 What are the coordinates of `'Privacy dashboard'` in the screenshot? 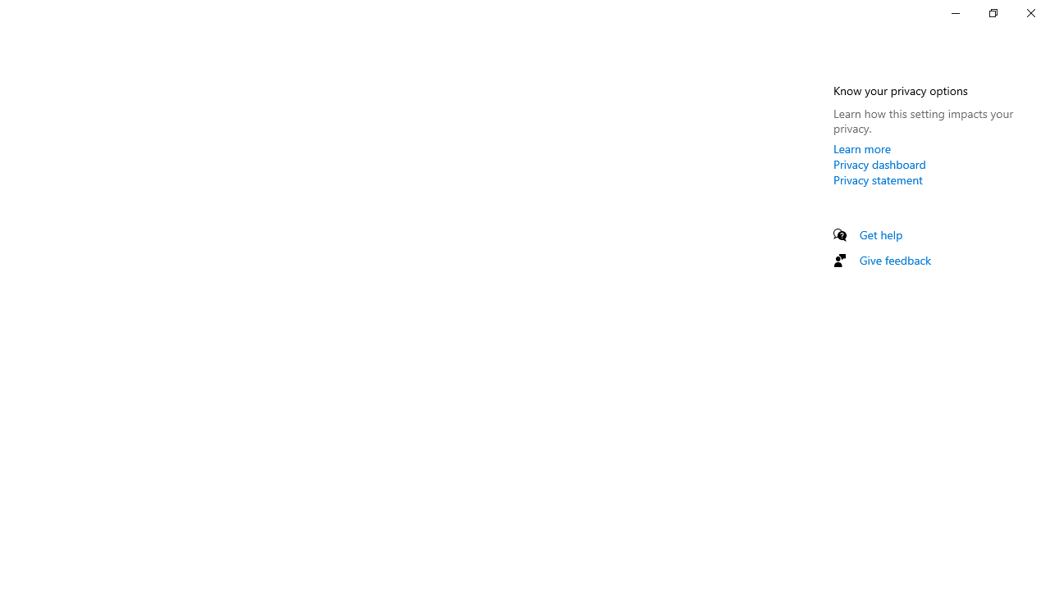 It's located at (879, 164).